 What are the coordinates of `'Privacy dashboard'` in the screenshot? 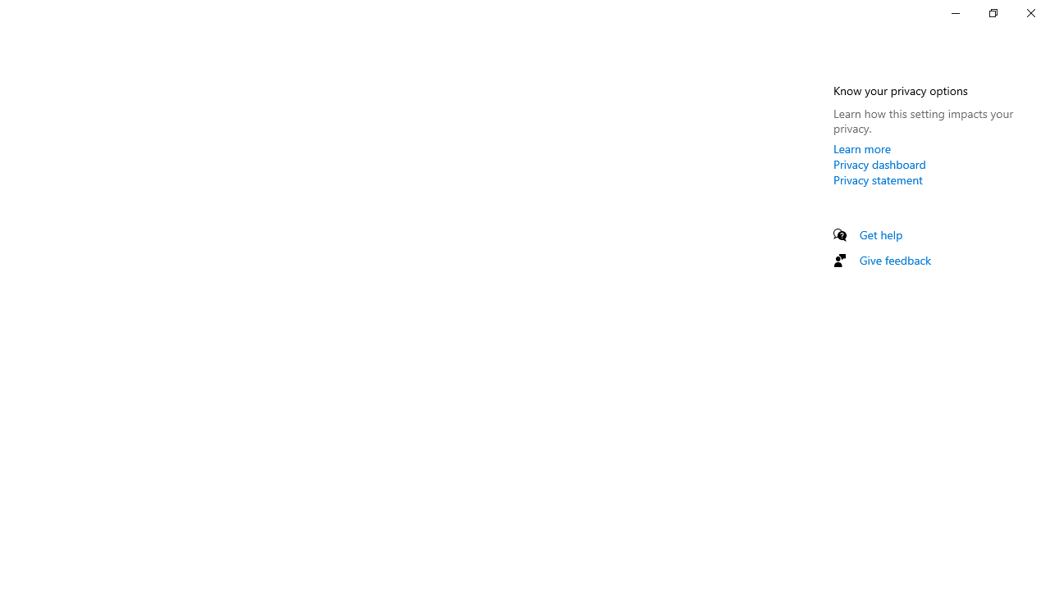 It's located at (879, 164).